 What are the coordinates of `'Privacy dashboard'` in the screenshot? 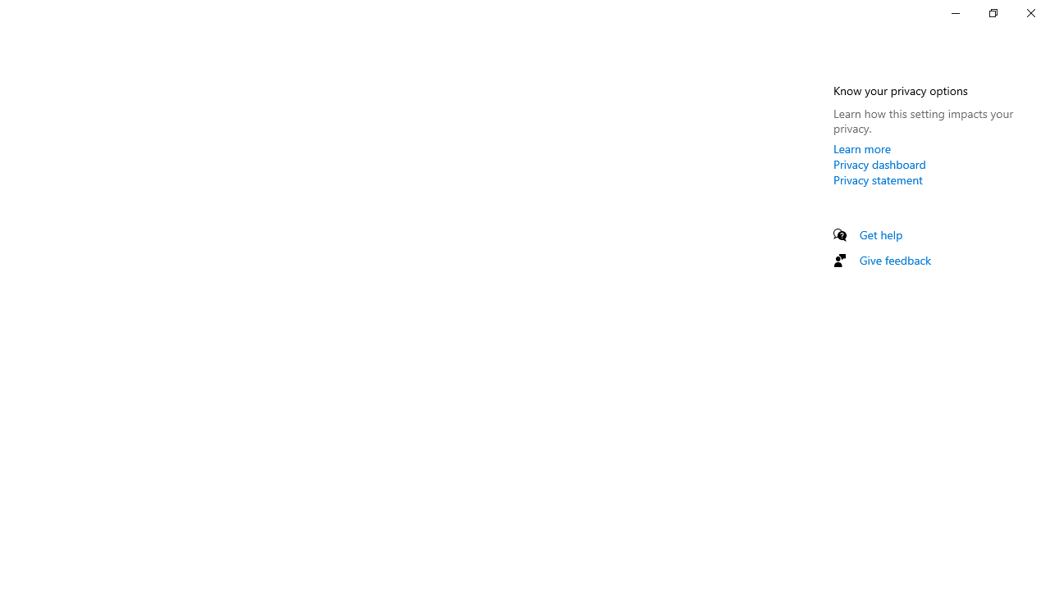 It's located at (879, 164).